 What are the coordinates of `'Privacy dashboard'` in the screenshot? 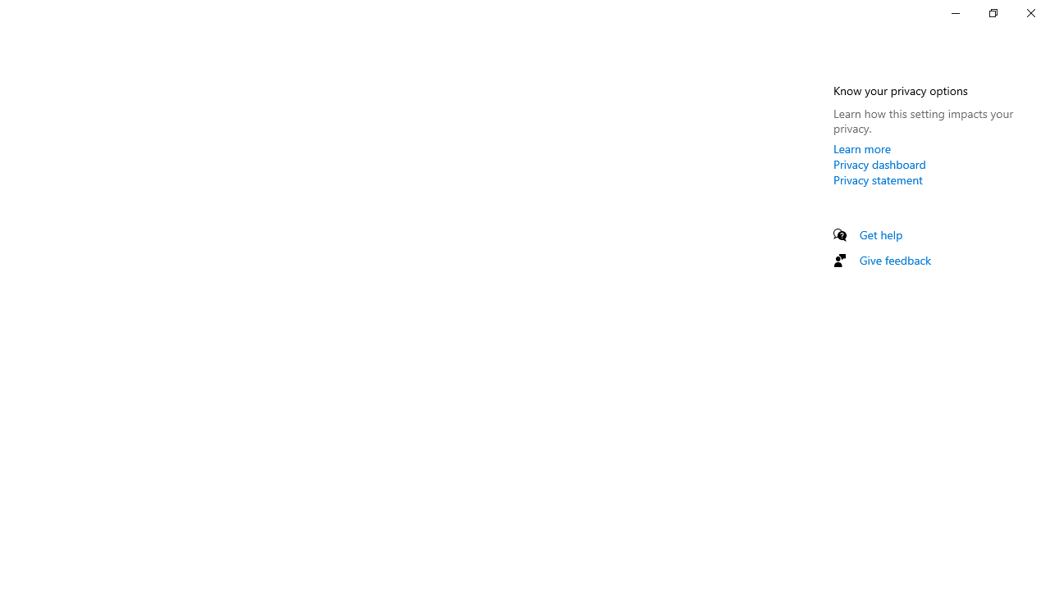 It's located at (879, 164).